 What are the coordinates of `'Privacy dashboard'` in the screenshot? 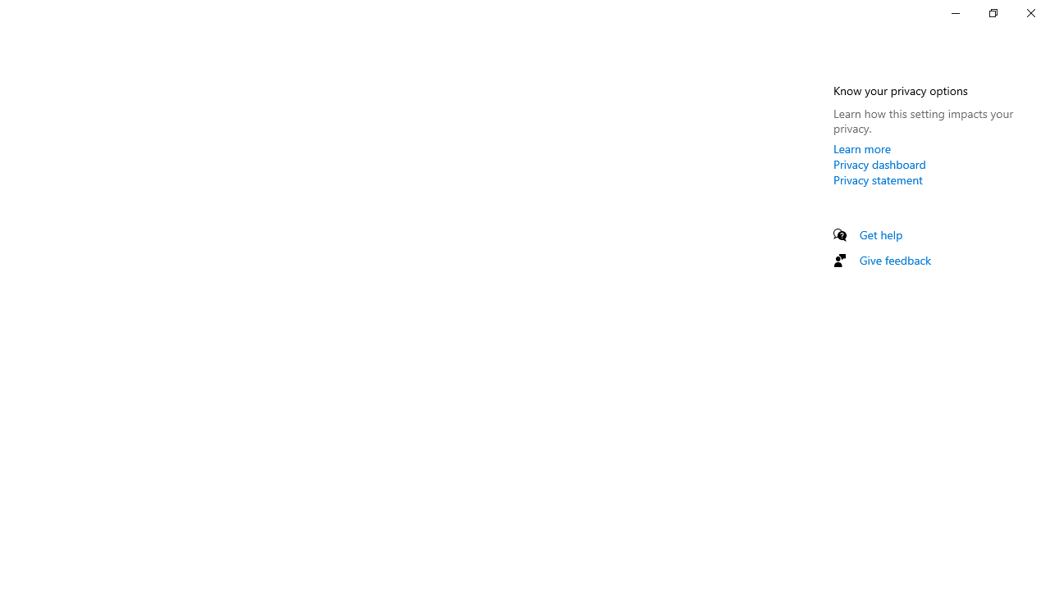 It's located at (879, 164).